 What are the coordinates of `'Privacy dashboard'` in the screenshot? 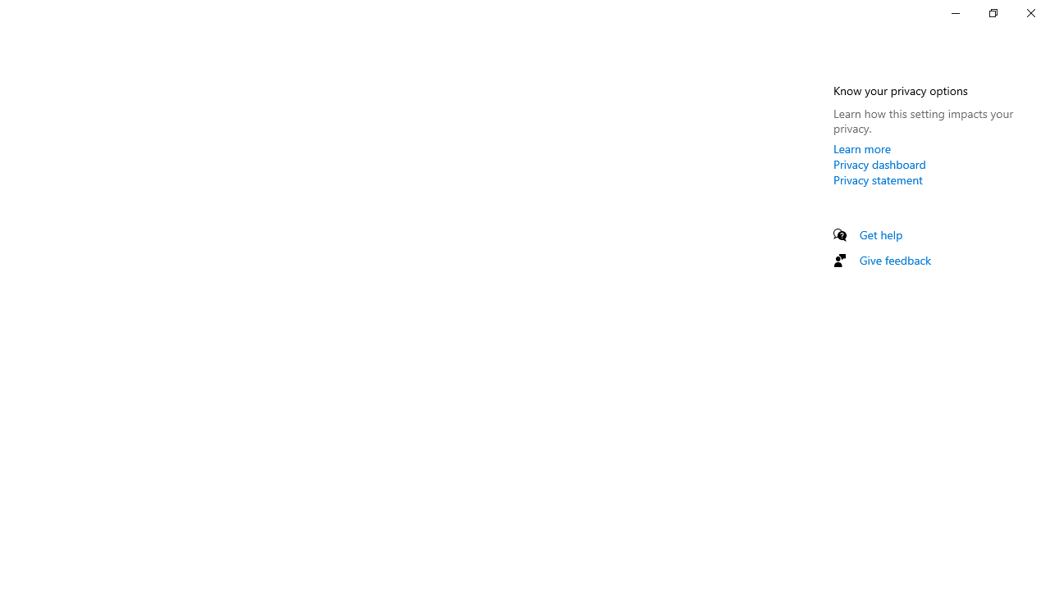 It's located at (879, 164).